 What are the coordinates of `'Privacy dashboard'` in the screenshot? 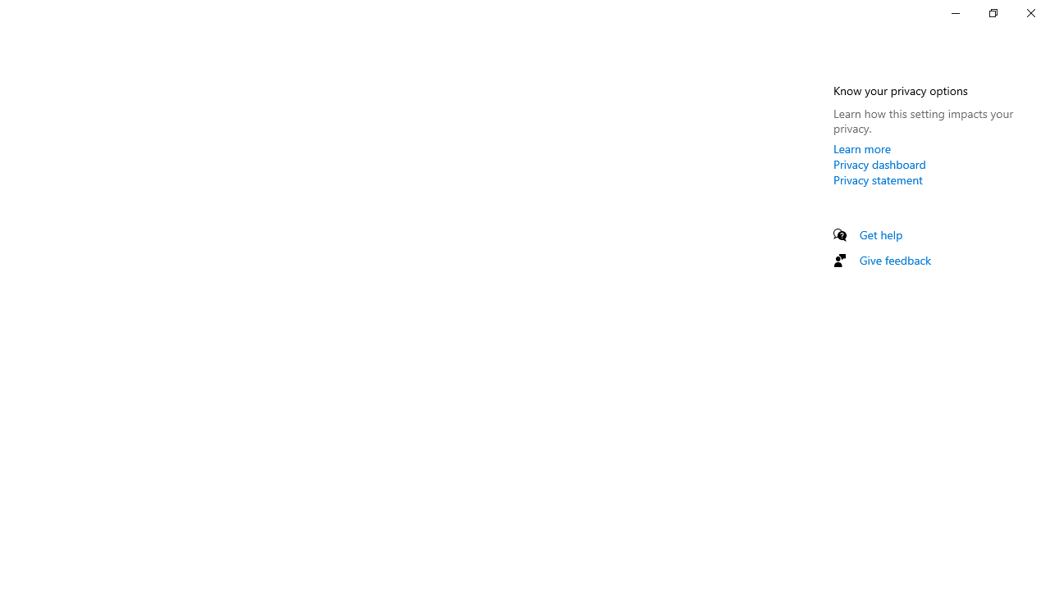 It's located at (879, 164).